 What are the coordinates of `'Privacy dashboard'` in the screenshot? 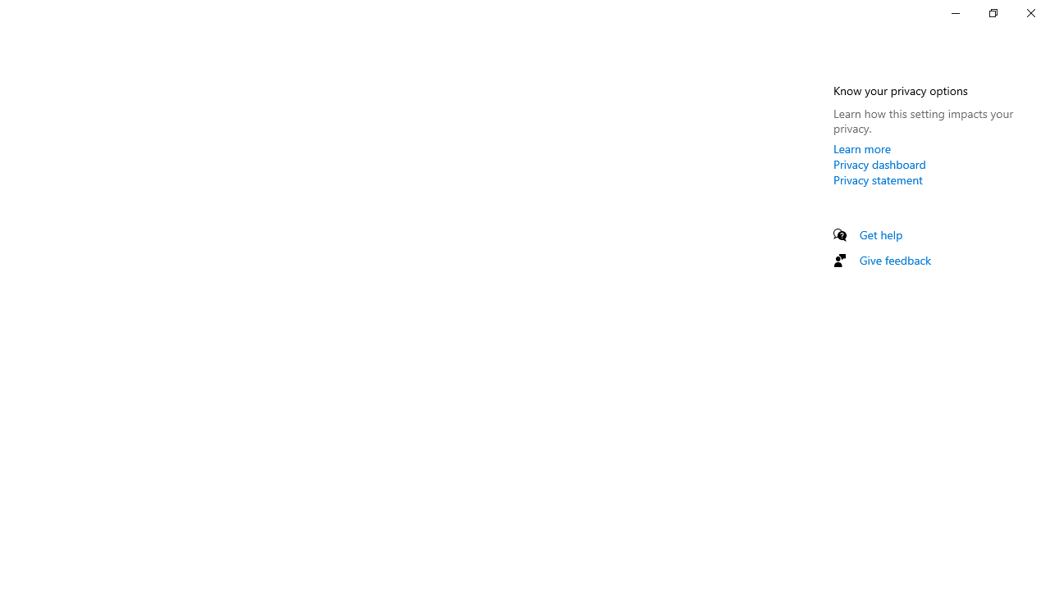 It's located at (879, 164).